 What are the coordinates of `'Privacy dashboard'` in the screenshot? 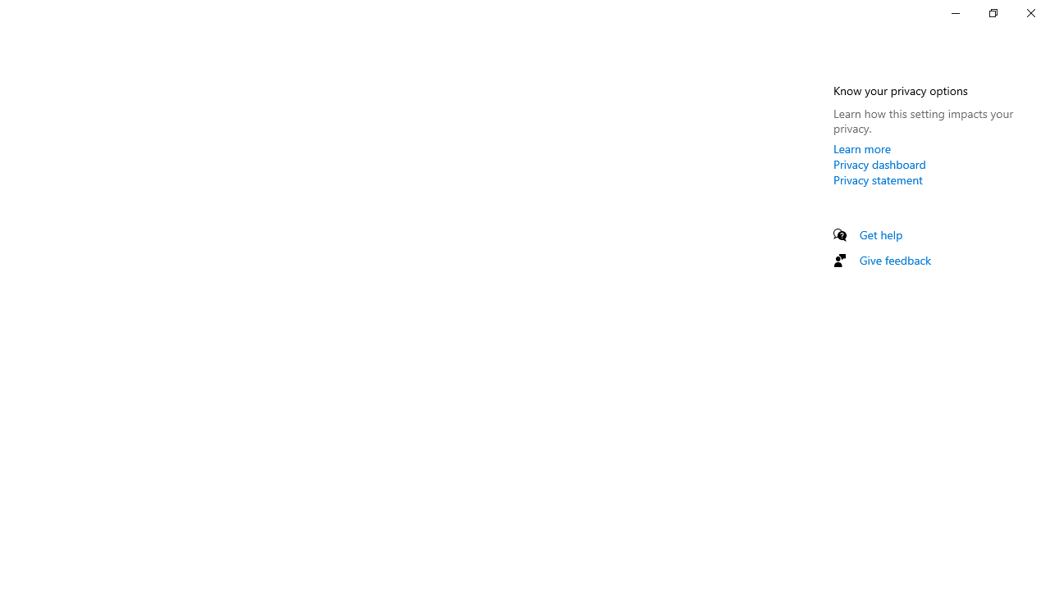 It's located at (879, 164).